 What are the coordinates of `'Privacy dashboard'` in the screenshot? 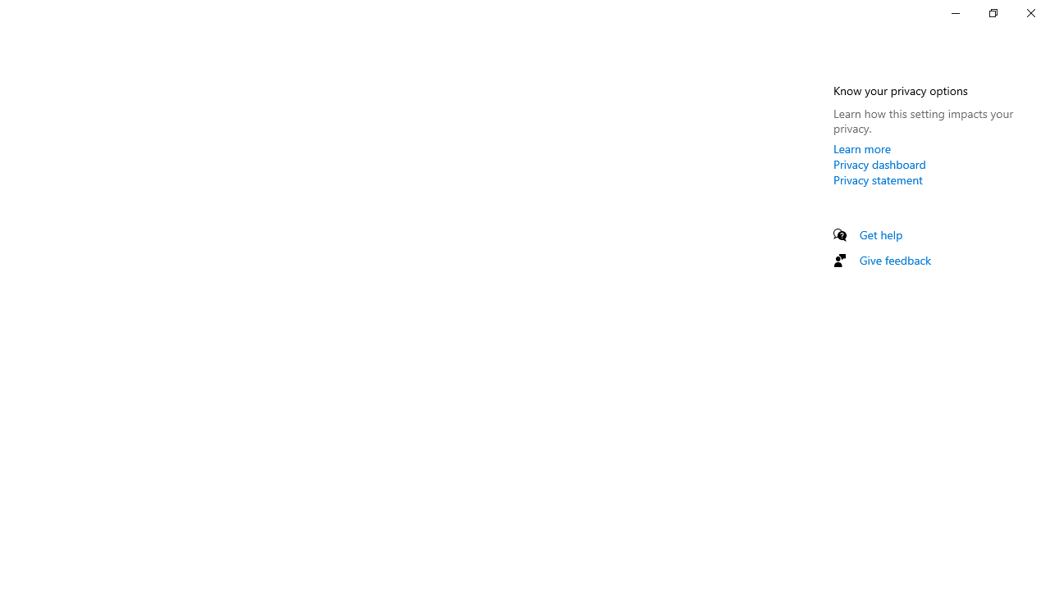 It's located at (879, 164).